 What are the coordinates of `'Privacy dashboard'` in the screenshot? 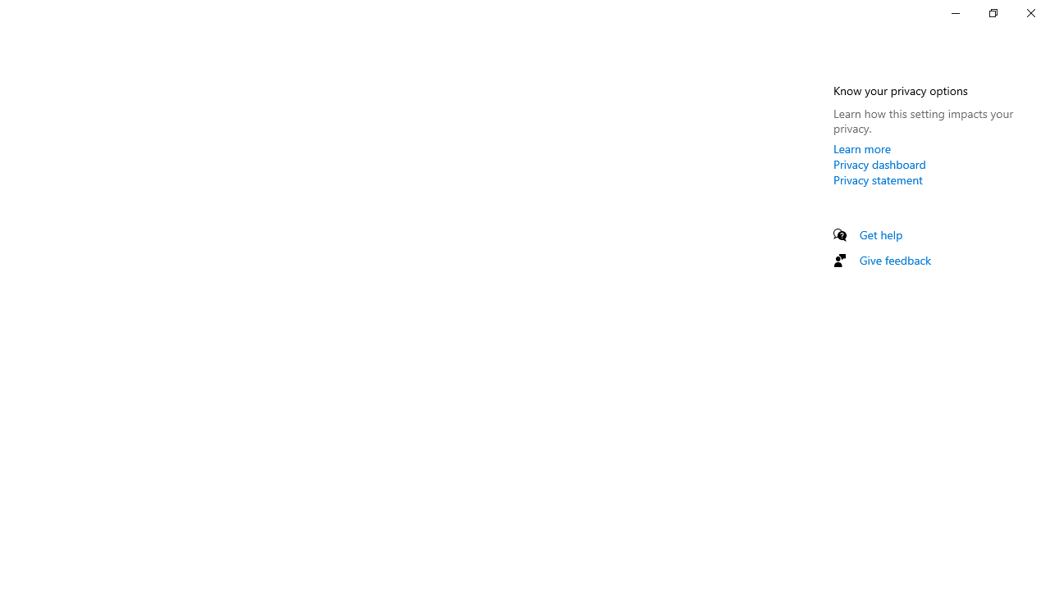 It's located at (879, 164).